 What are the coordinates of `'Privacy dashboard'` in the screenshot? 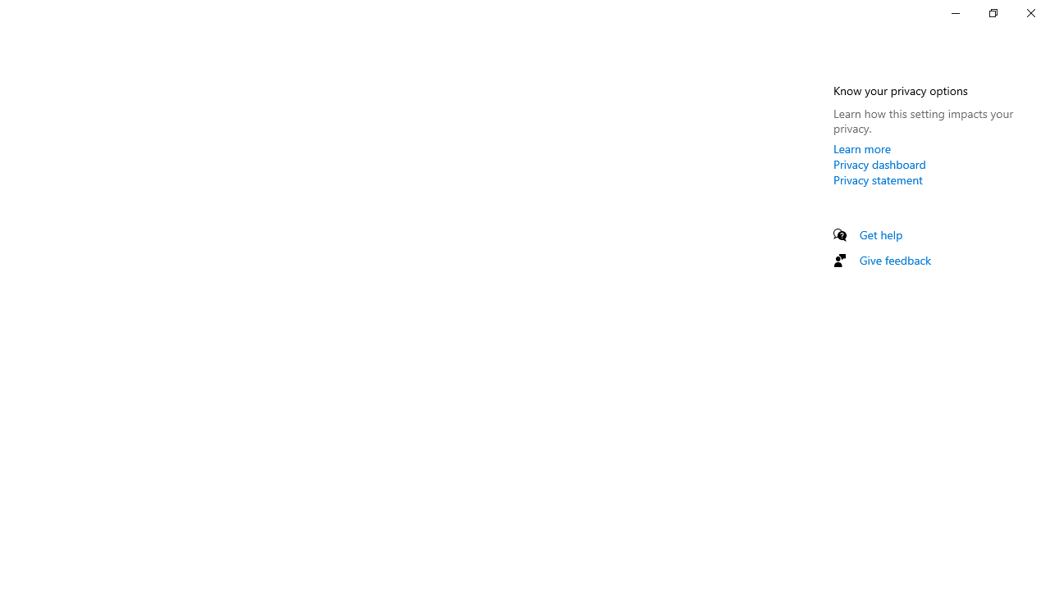 It's located at (879, 164).